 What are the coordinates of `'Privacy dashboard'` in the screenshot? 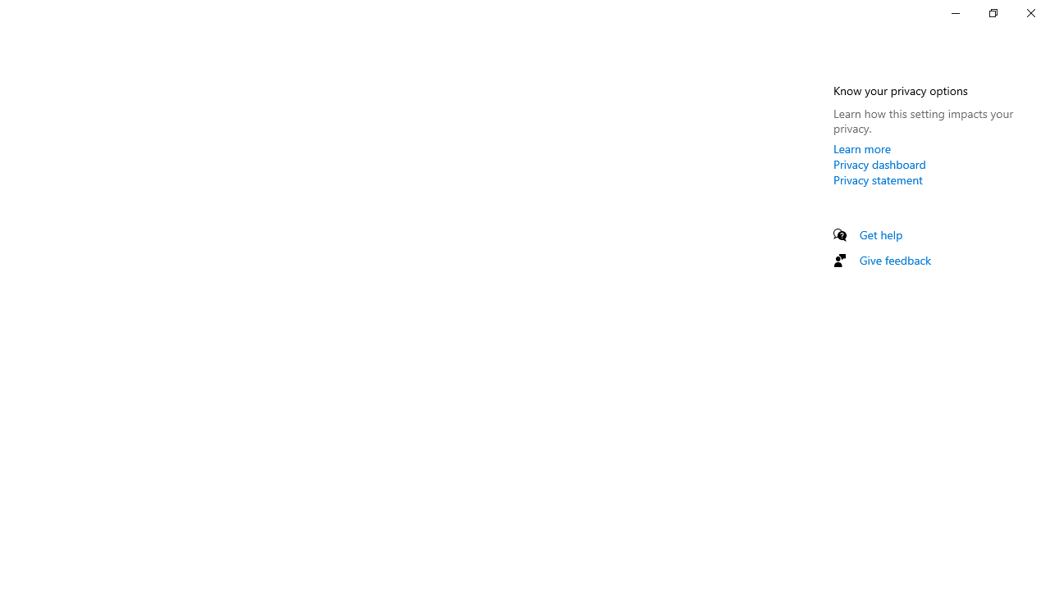 It's located at (879, 164).